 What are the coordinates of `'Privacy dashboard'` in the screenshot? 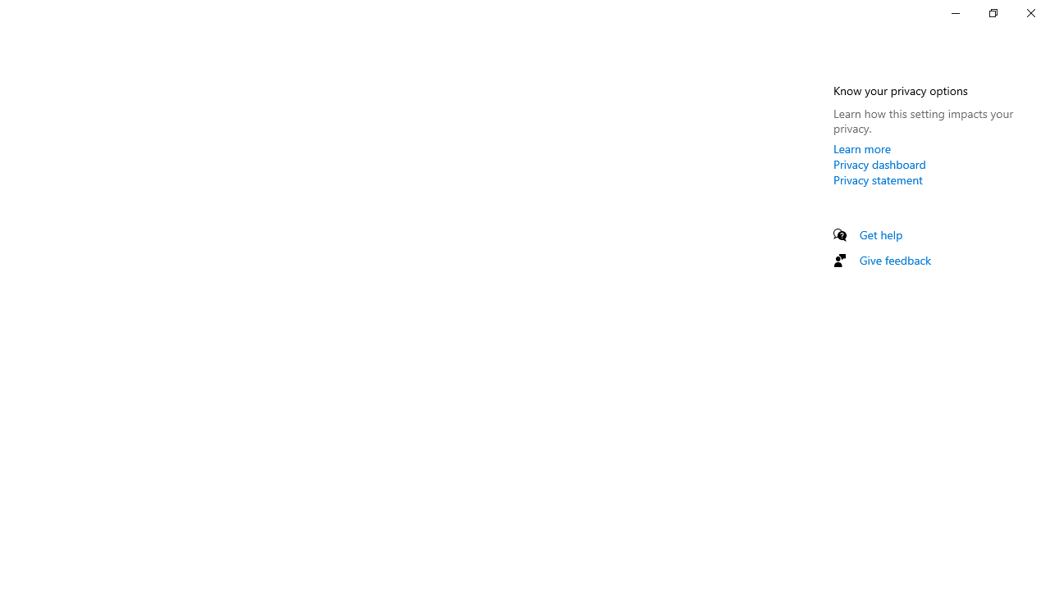 It's located at (879, 164).